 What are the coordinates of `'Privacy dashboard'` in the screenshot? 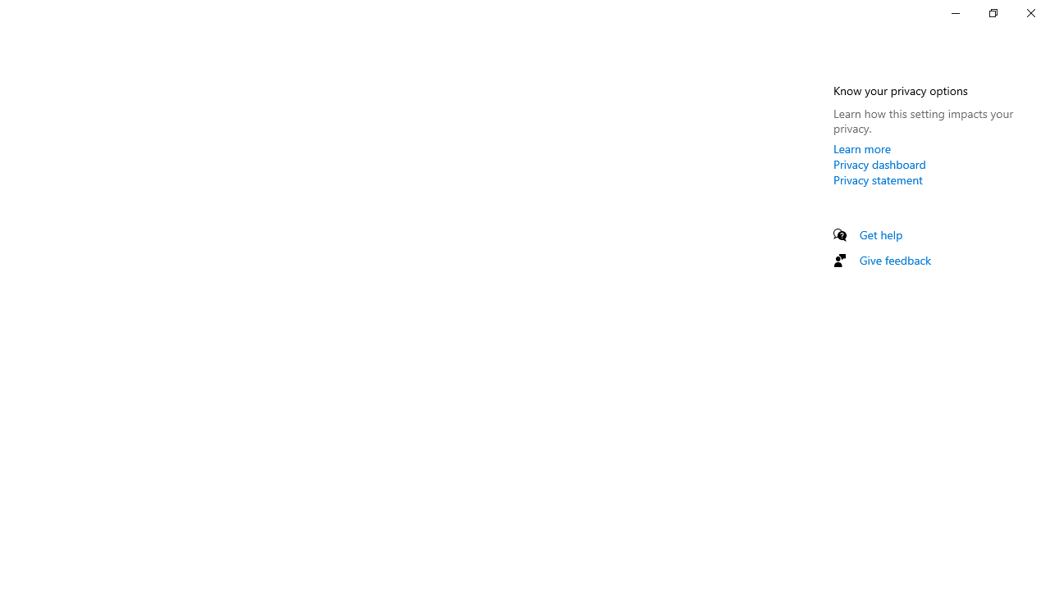 It's located at (879, 164).